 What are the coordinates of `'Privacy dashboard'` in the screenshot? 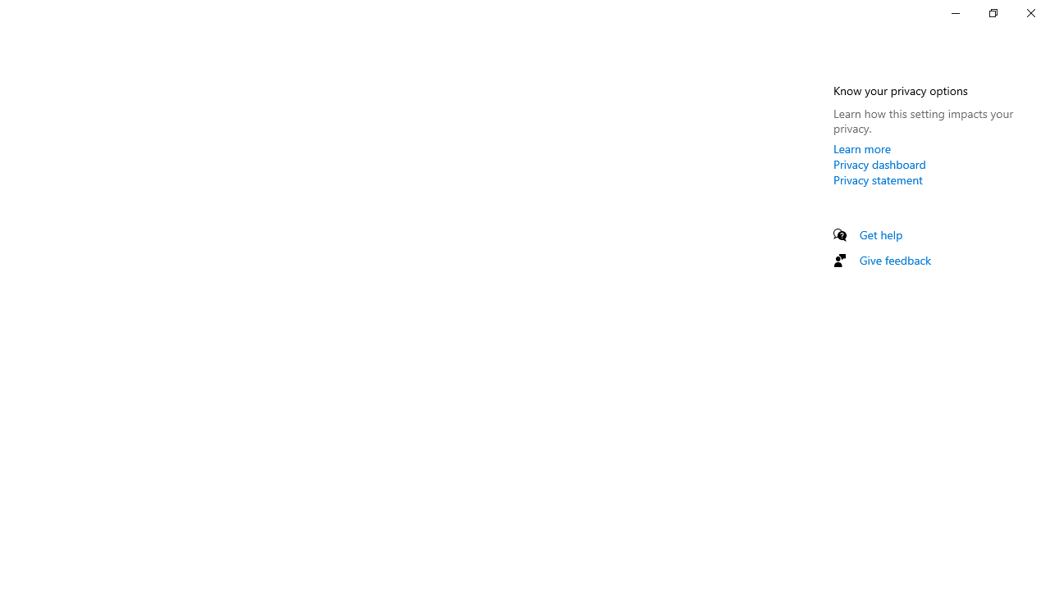 It's located at (879, 164).